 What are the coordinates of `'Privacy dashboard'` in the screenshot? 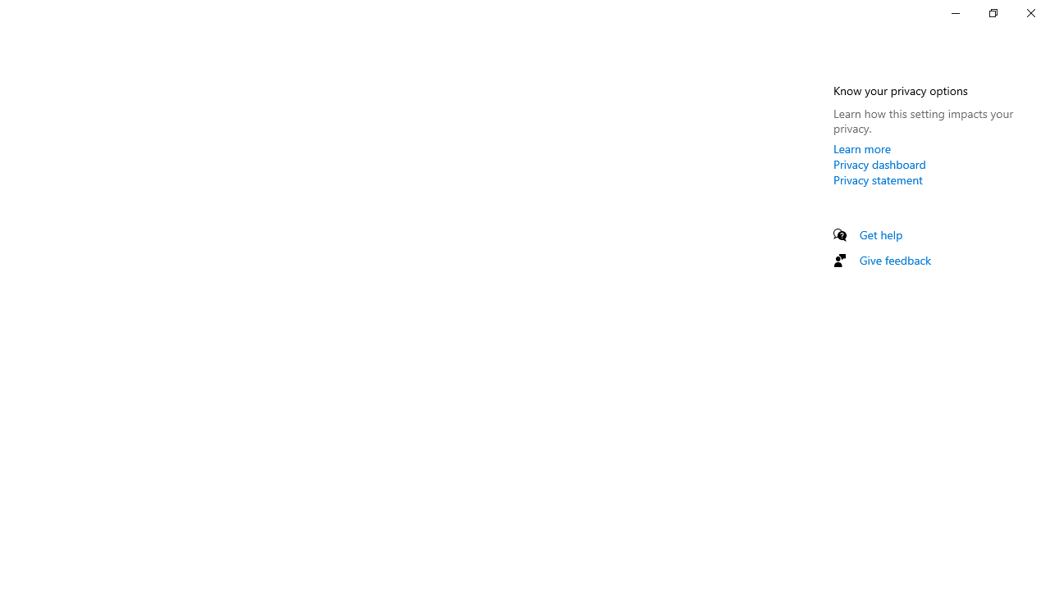 It's located at (879, 164).